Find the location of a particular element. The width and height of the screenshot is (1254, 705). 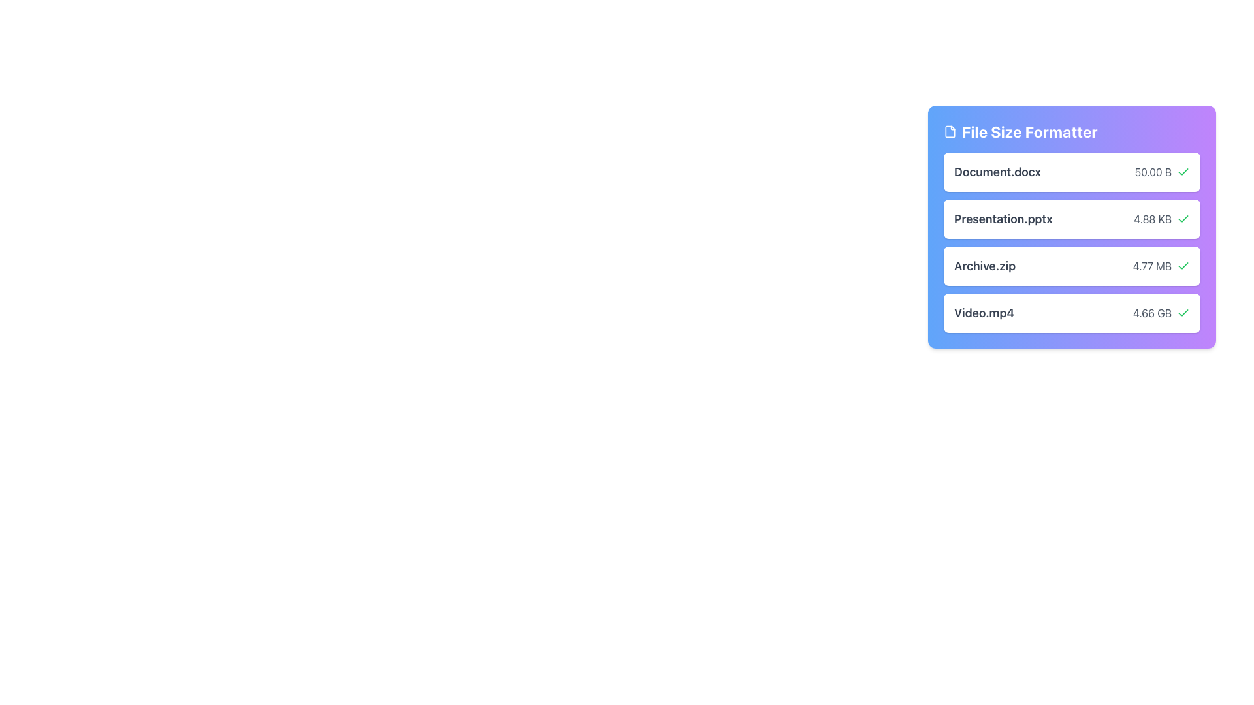

file information displayed in the first list item of the 'File Size Formatter' panel, which includes the file name 'Document.docx' and its size '50.00 B' is located at coordinates (1072, 171).